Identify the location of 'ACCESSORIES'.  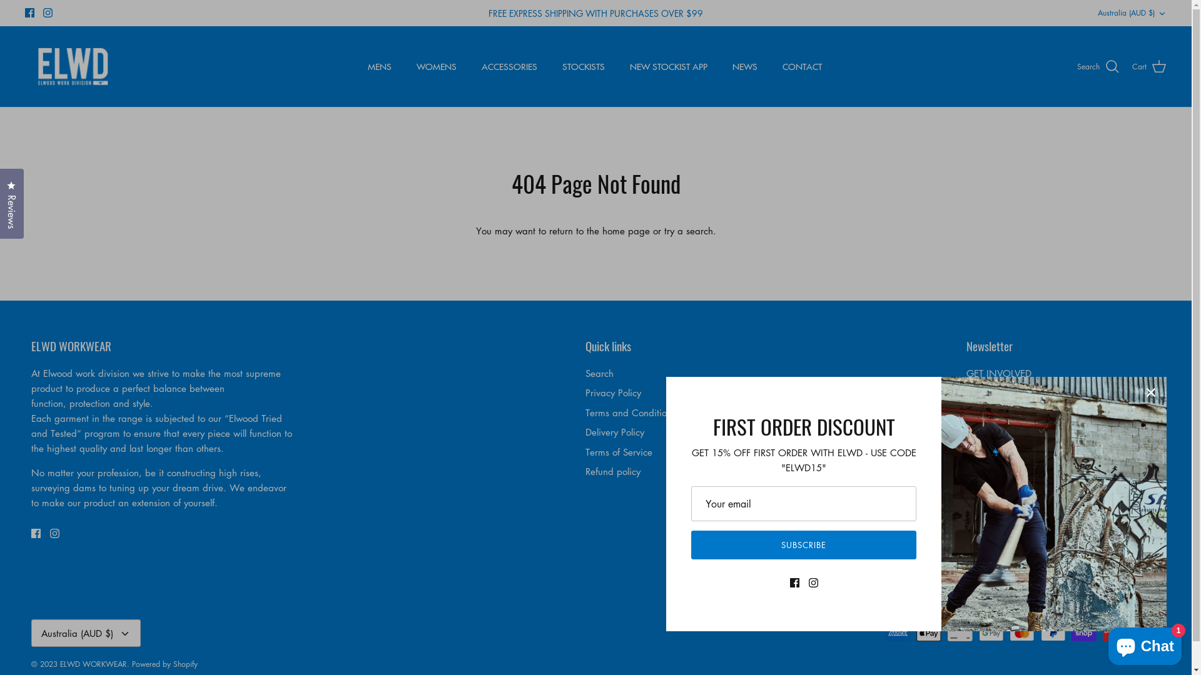
(509, 66).